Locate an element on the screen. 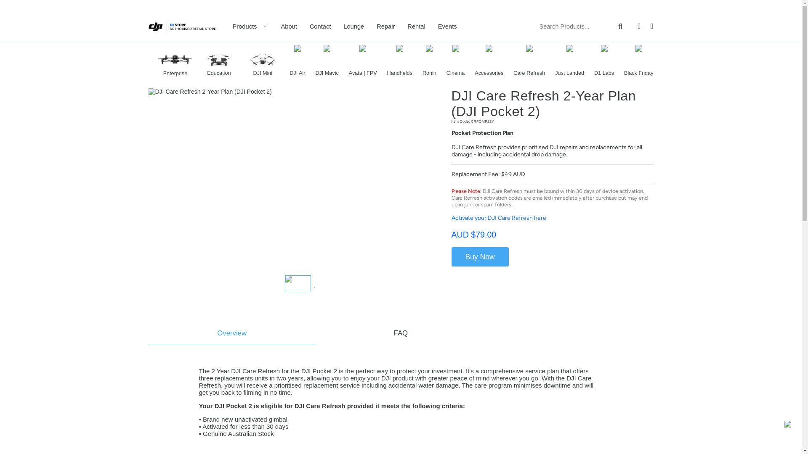 This screenshot has height=454, width=808. 'Lounge' is located at coordinates (343, 26).